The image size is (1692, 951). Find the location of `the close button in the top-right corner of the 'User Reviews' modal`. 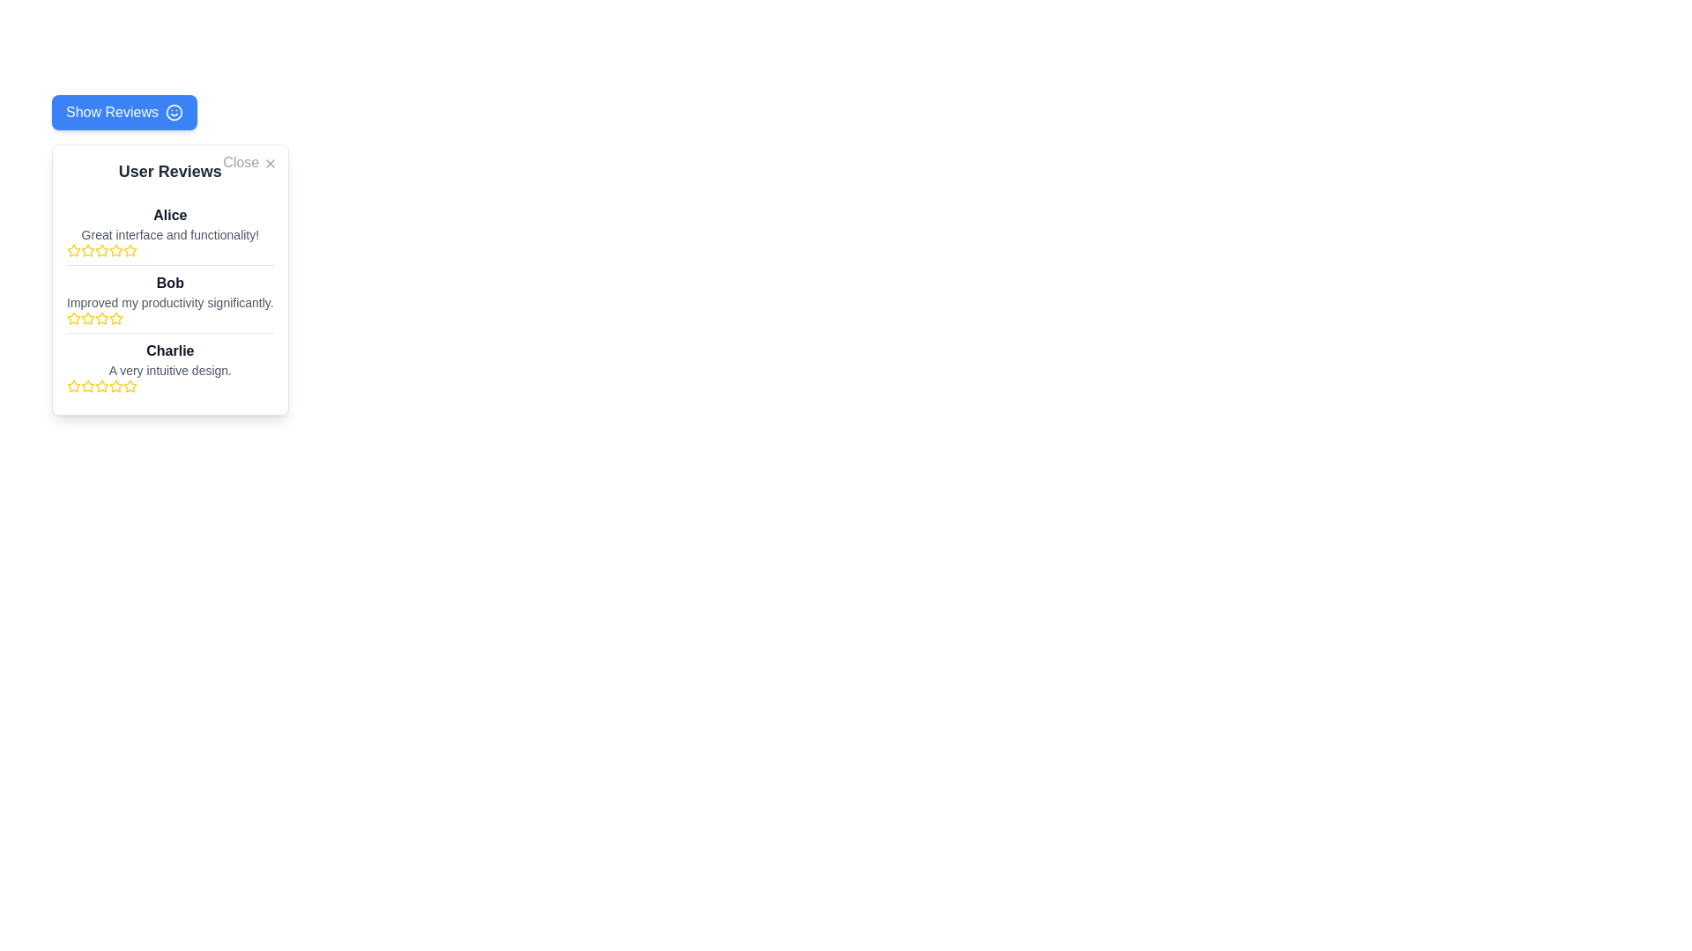

the close button in the top-right corner of the 'User Reviews' modal is located at coordinates (249, 163).